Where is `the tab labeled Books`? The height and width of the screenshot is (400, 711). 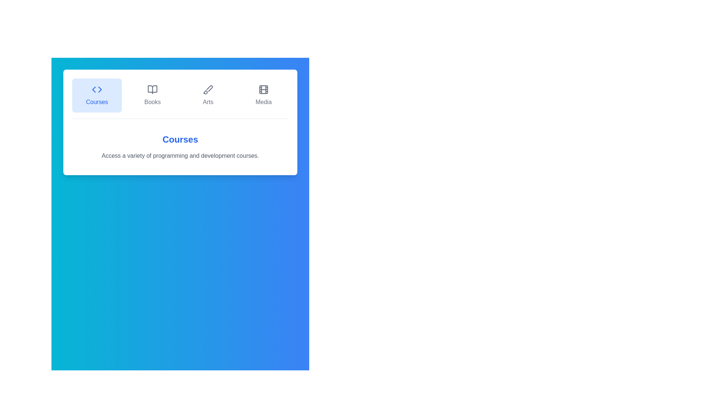 the tab labeled Books is located at coordinates (152, 95).